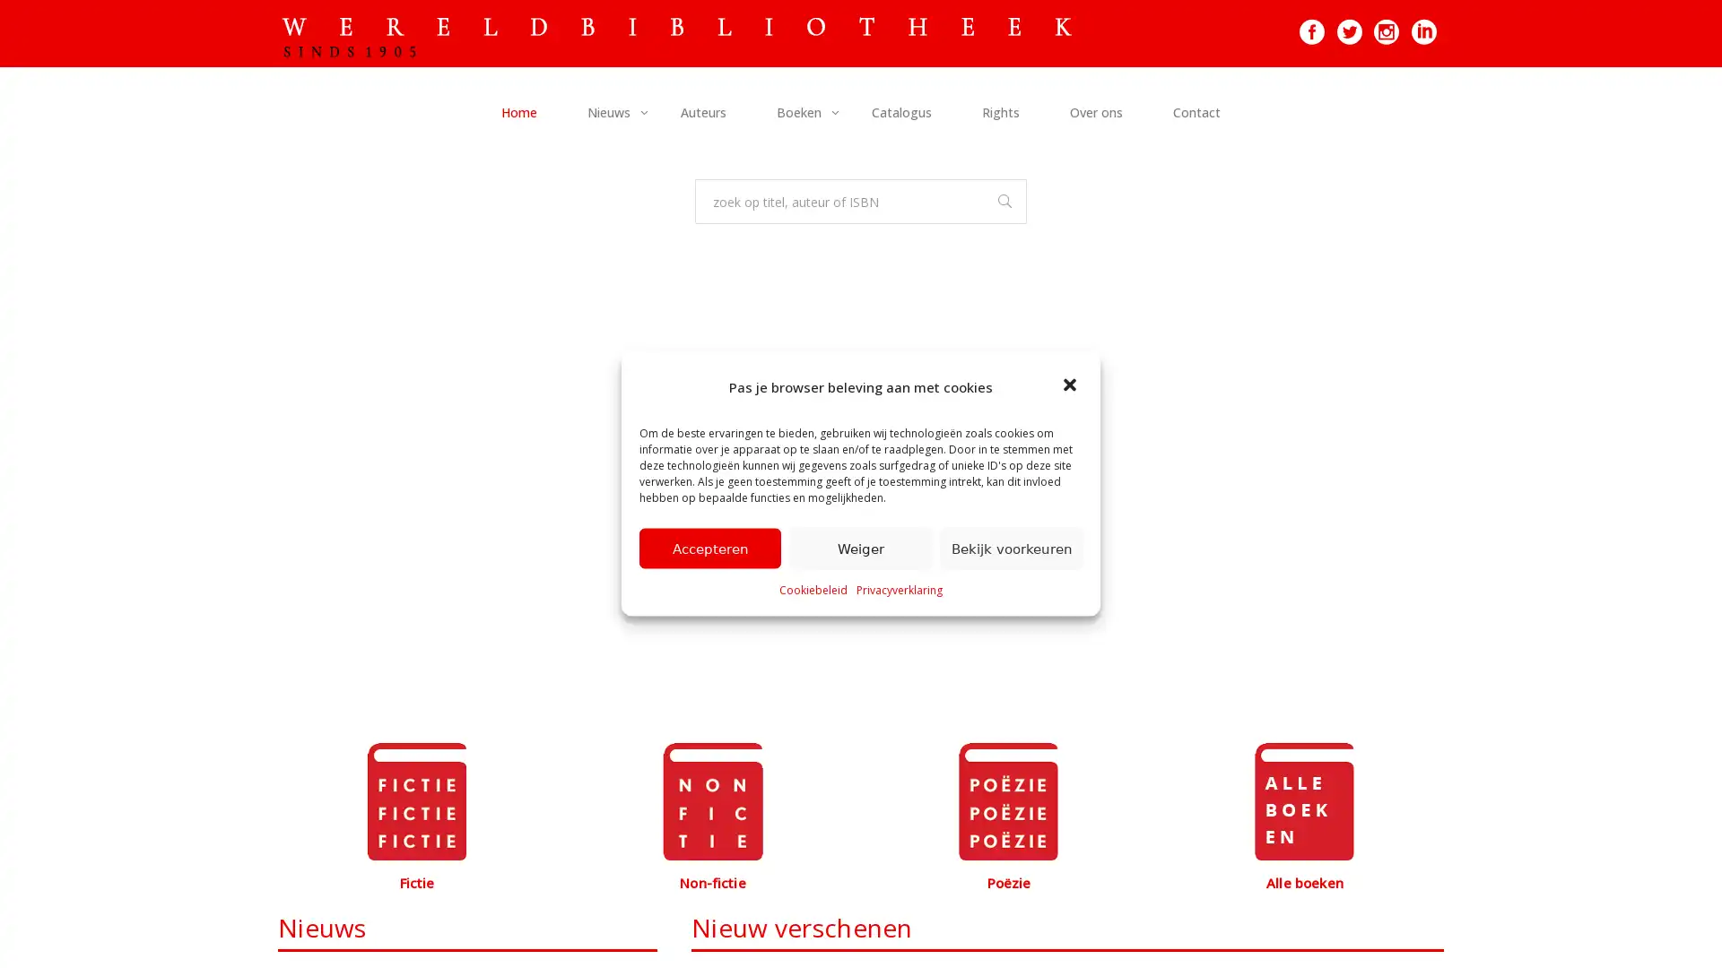  Describe the element at coordinates (1072, 385) in the screenshot. I see `close-dialog` at that location.